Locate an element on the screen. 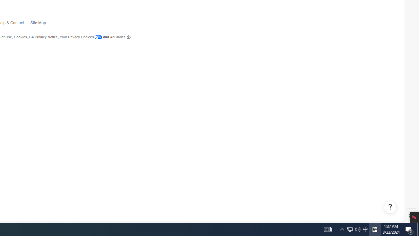  'Help, opens dialogs' is located at coordinates (390, 207).